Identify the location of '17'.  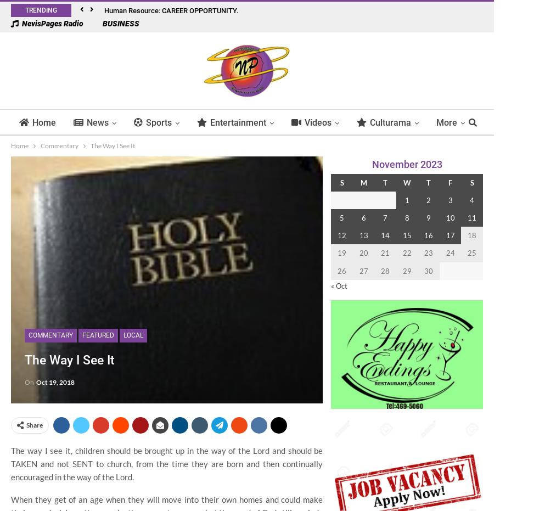
(450, 235).